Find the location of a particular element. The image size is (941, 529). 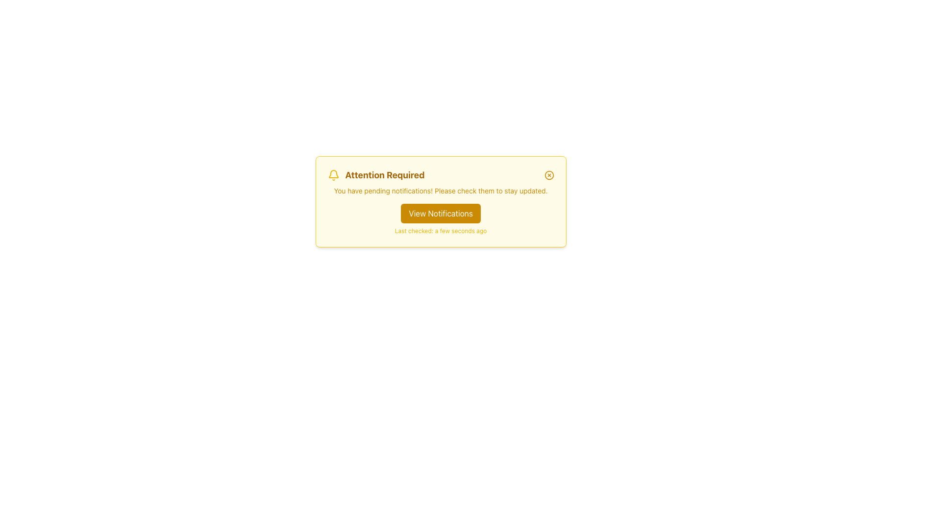

the 'View Notifications' button with a bold yellow background is located at coordinates (440, 213).